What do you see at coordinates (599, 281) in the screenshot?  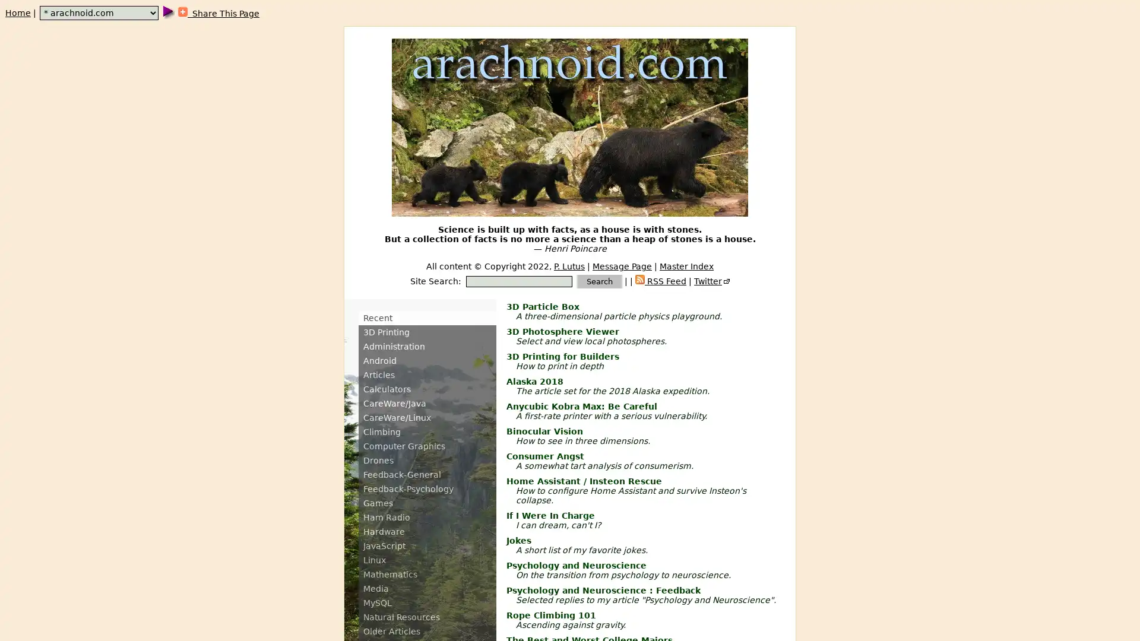 I see `Search` at bounding box center [599, 281].